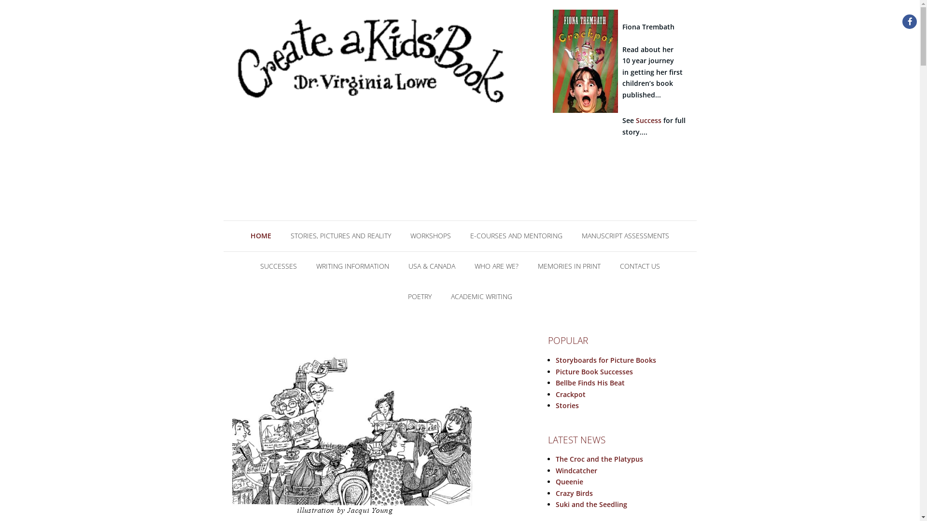 The image size is (927, 521). Describe the element at coordinates (593, 371) in the screenshot. I see `'Picture Book Successes'` at that location.